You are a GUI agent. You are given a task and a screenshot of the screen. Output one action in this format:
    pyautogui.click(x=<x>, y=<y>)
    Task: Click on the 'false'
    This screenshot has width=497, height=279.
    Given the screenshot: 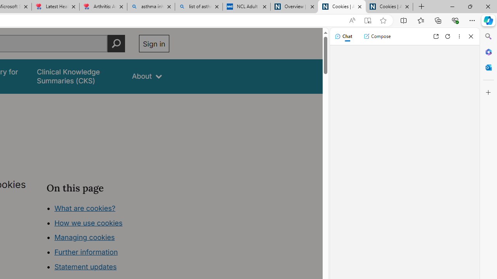 What is the action you would take?
    pyautogui.click(x=77, y=76)
    